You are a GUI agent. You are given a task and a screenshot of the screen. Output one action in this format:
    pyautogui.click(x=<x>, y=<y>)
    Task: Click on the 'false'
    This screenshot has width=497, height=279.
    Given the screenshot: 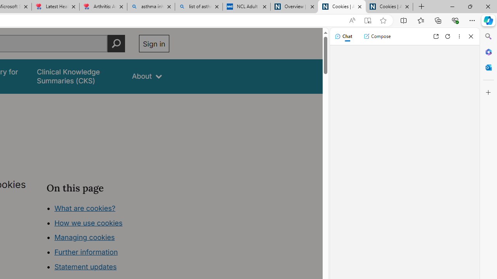 What is the action you would take?
    pyautogui.click(x=77, y=76)
    